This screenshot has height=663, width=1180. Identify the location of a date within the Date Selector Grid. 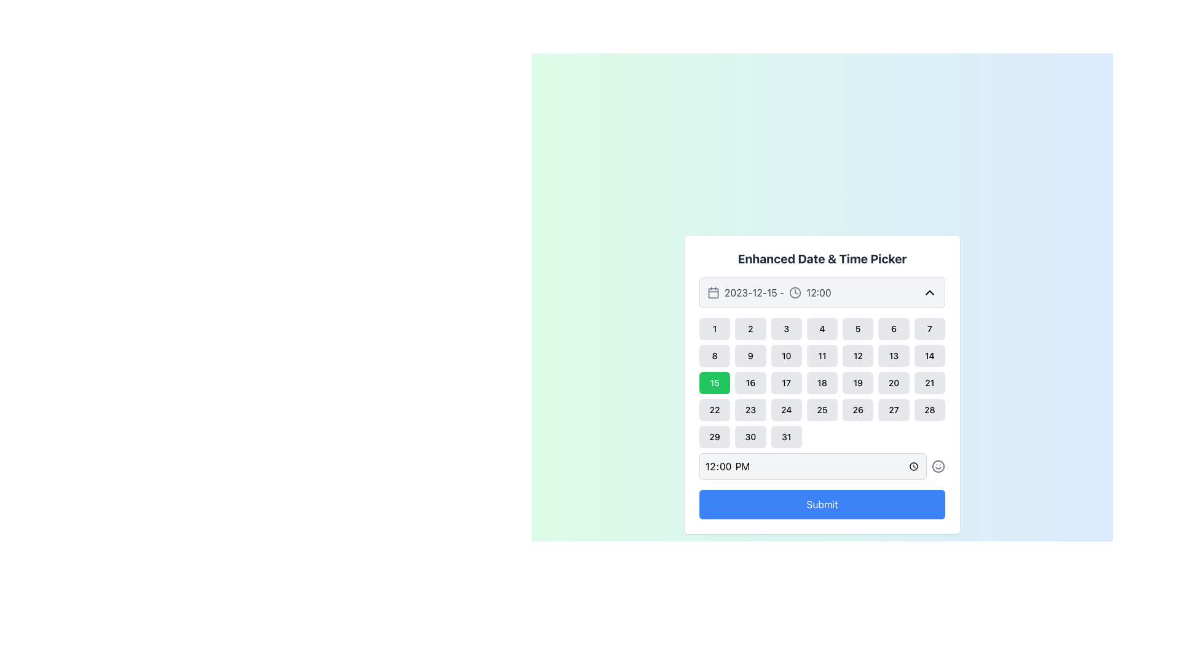
(822, 382).